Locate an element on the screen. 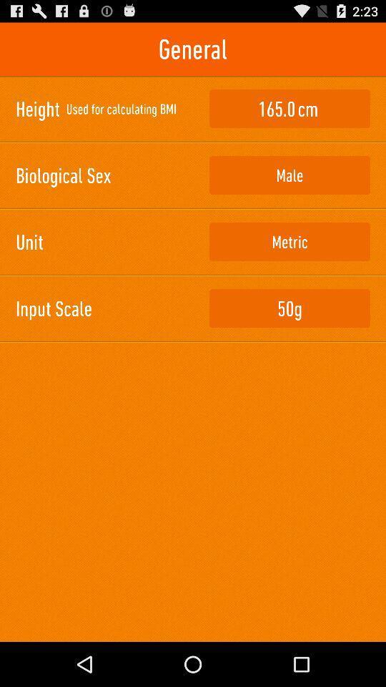 Image resolution: width=386 pixels, height=687 pixels. the icon to the right of used for calculating is located at coordinates (289, 108).